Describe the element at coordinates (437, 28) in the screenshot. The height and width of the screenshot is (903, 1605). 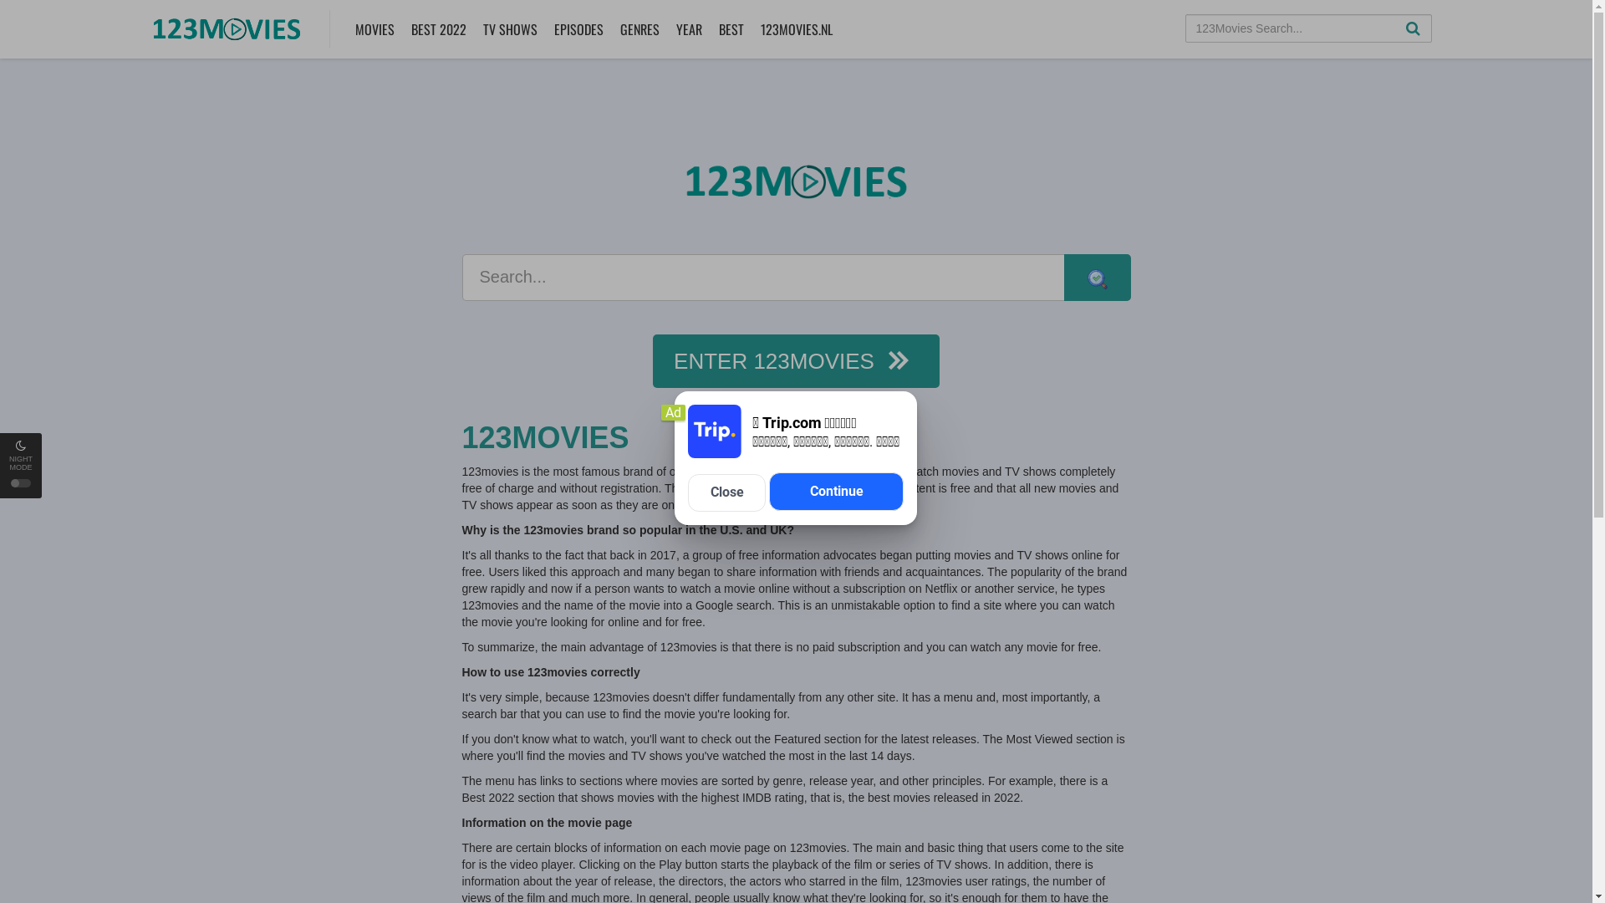
I see `'BEST 2022'` at that location.